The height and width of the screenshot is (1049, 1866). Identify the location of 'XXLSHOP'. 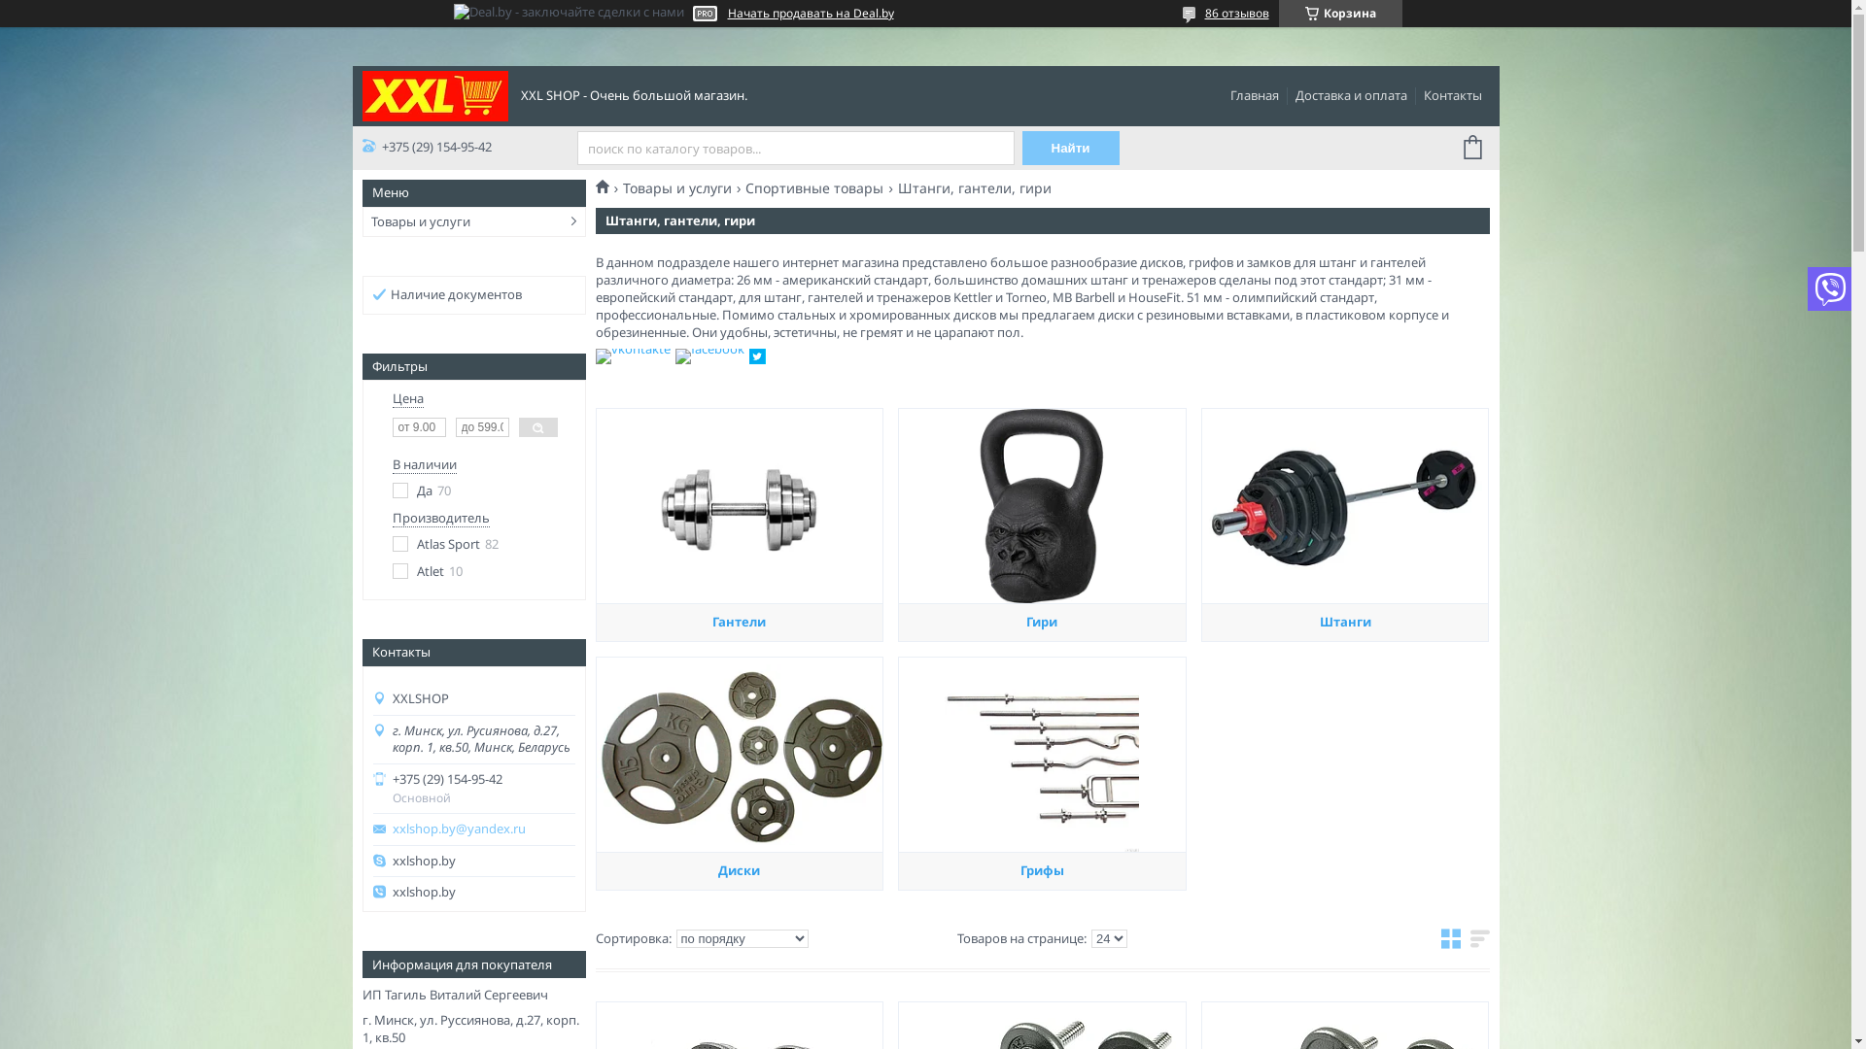
(432, 93).